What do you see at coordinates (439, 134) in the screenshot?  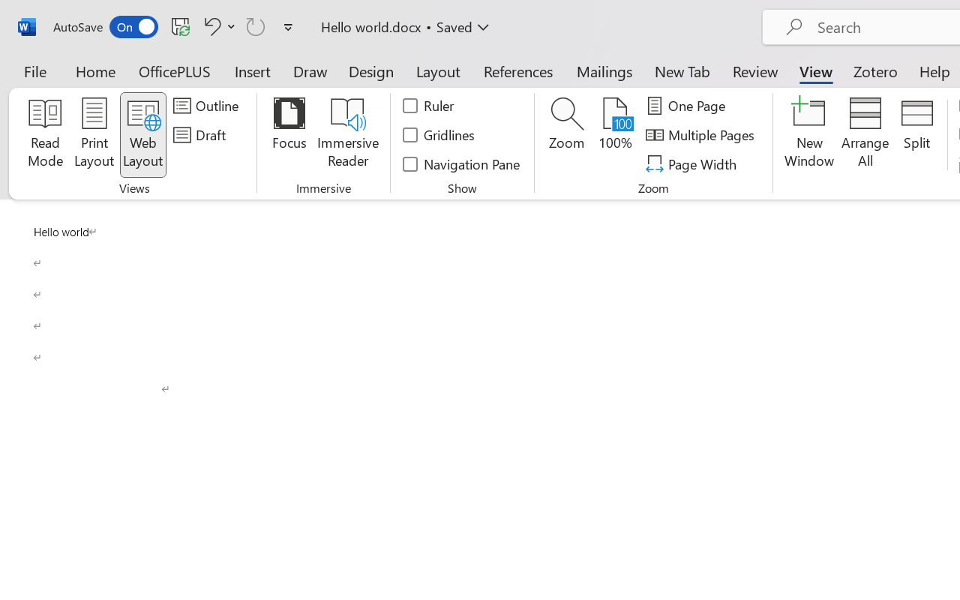 I see `'Gridlines'` at bounding box center [439, 134].